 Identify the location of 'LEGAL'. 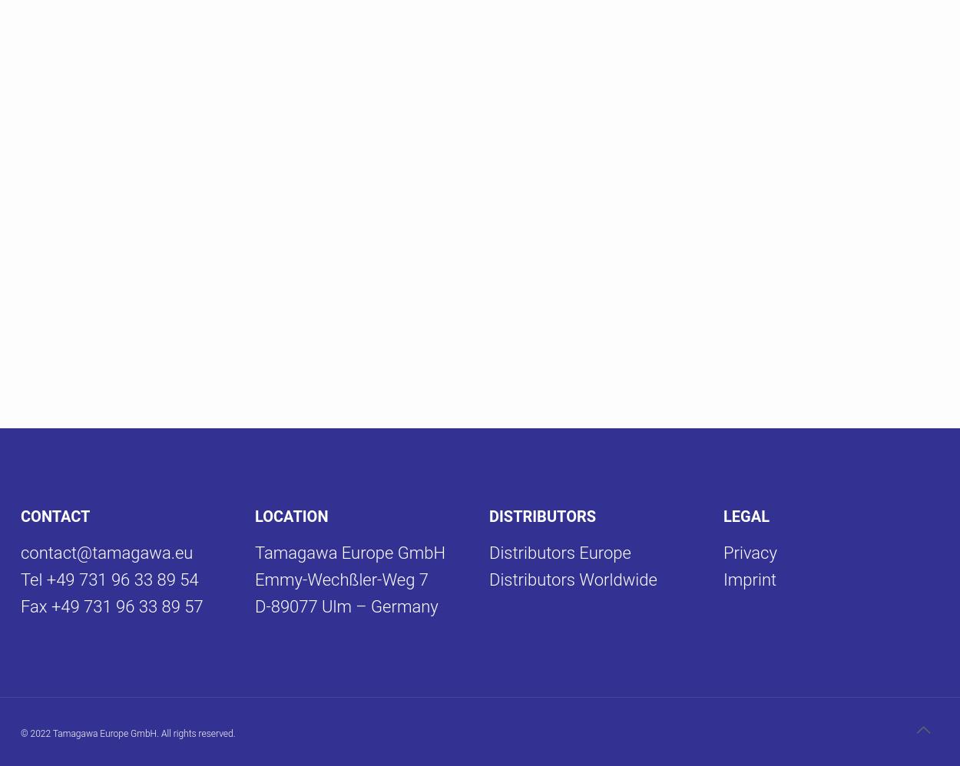
(746, 515).